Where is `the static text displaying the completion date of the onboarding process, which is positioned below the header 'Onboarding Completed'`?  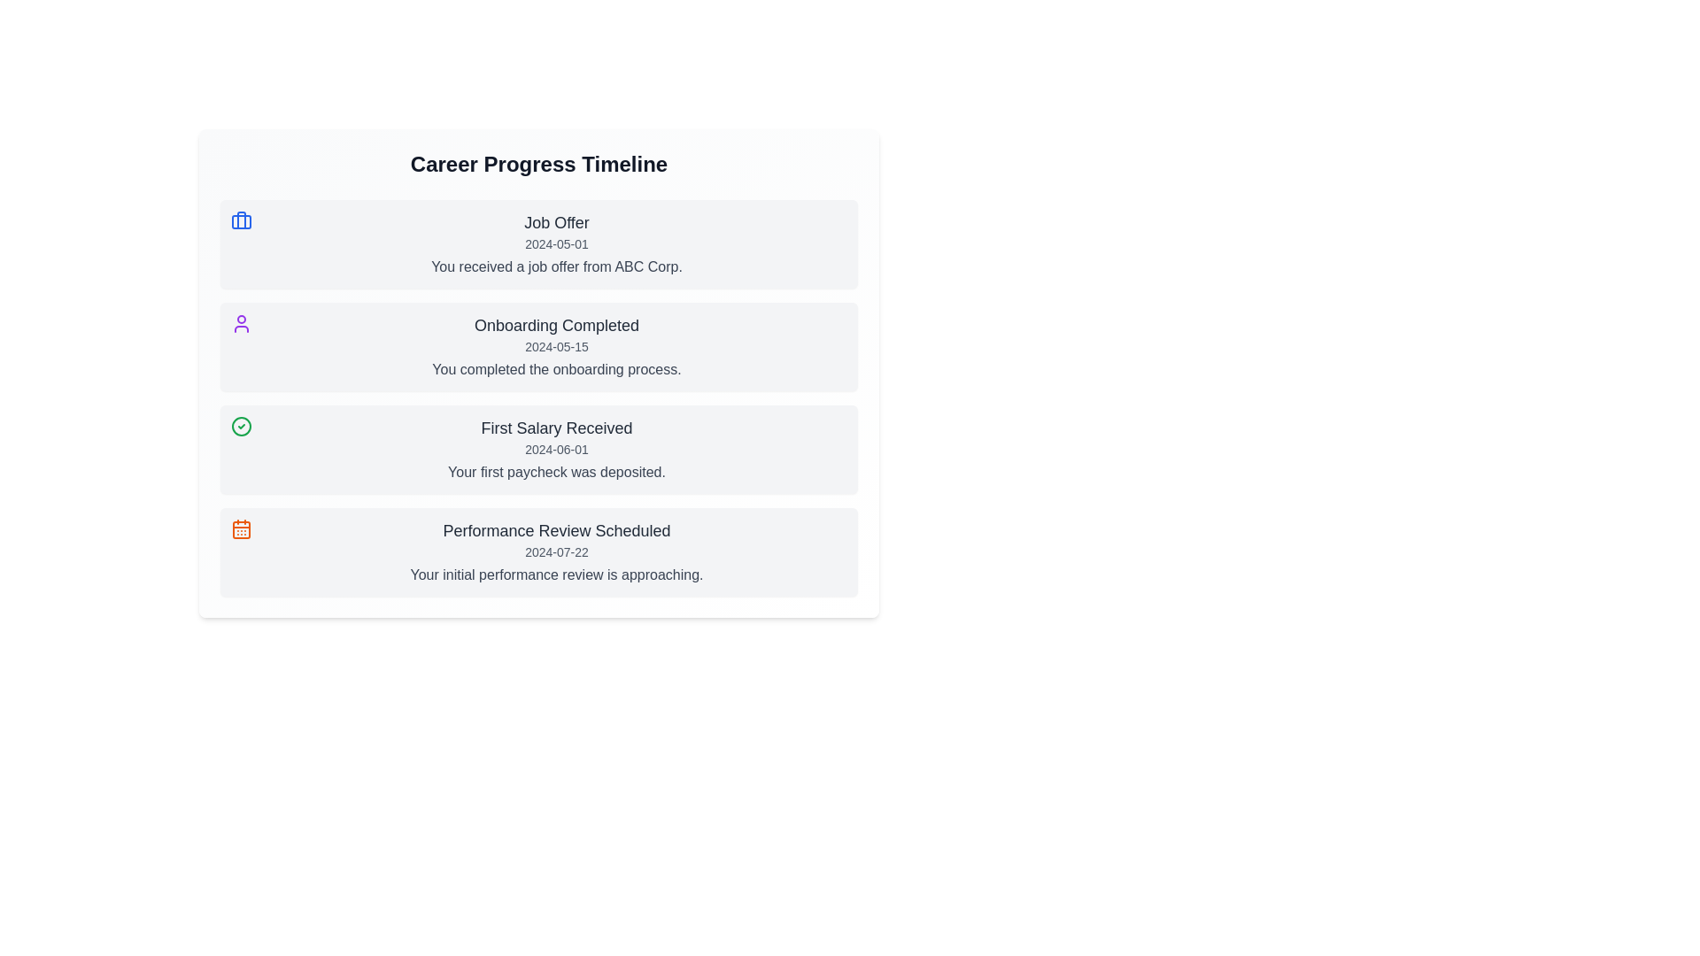 the static text displaying the completion date of the onboarding process, which is positioned below the header 'Onboarding Completed' is located at coordinates (555, 347).